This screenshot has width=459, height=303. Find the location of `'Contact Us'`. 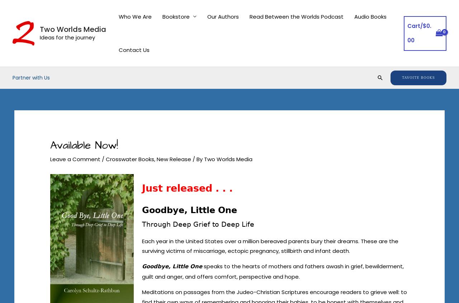

'Contact Us' is located at coordinates (134, 50).